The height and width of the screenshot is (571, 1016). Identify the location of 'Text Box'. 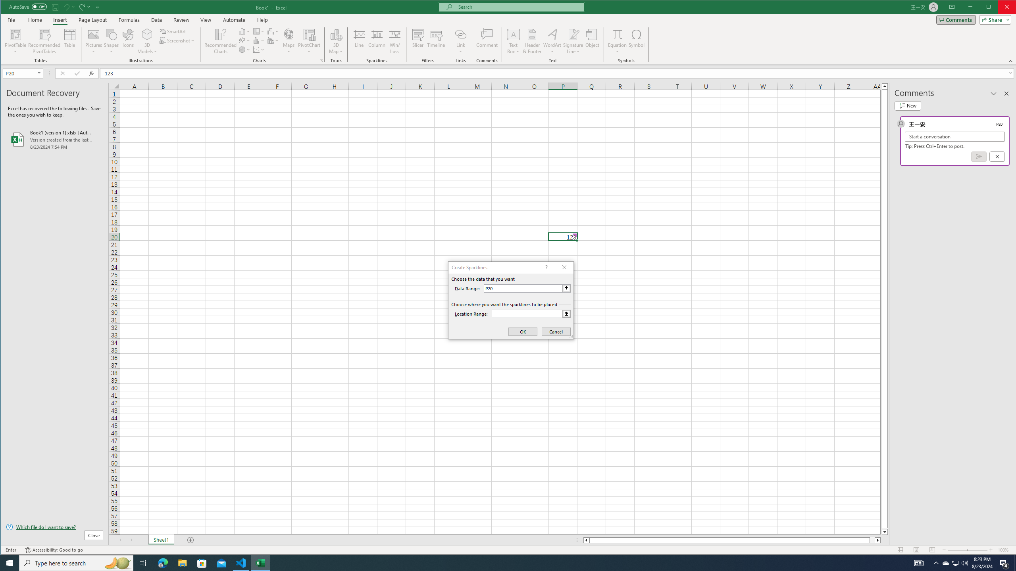
(513, 41).